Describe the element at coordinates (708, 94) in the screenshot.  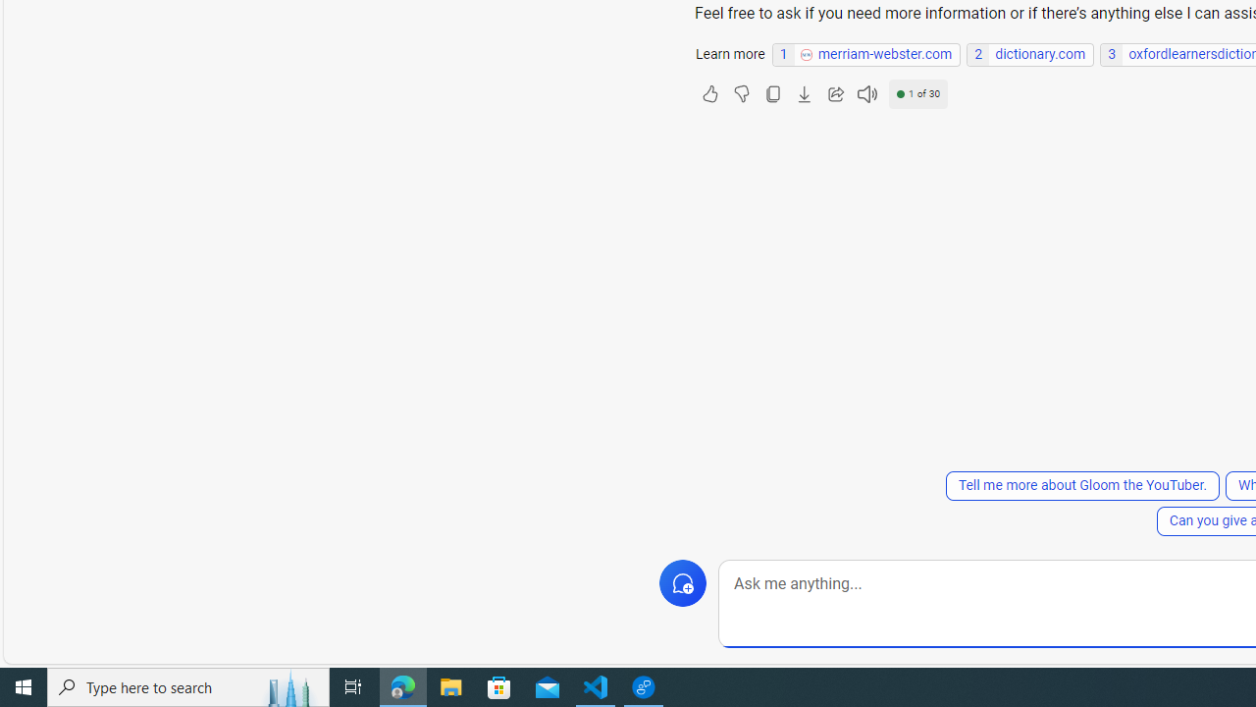
I see `'Like'` at that location.